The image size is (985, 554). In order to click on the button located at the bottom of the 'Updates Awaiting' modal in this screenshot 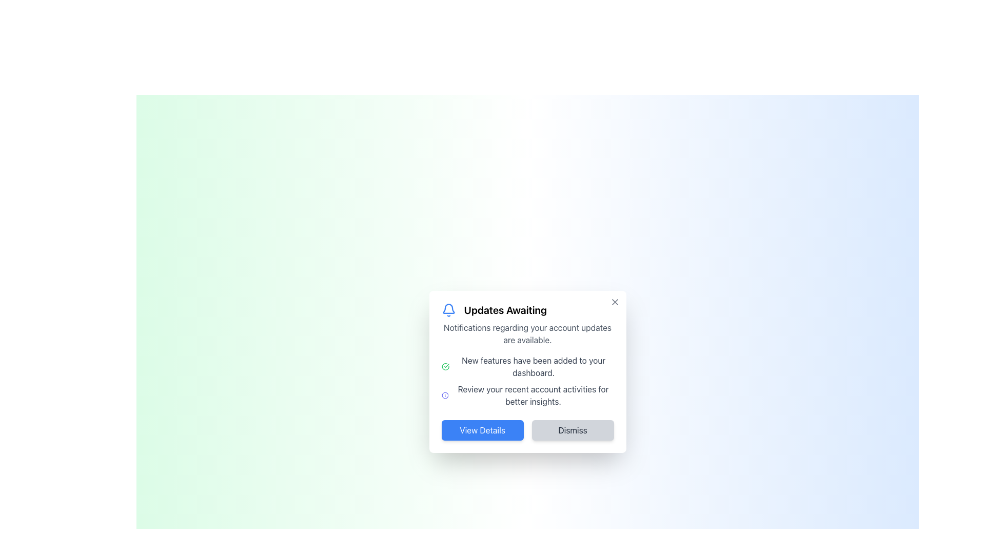, I will do `click(482, 430)`.